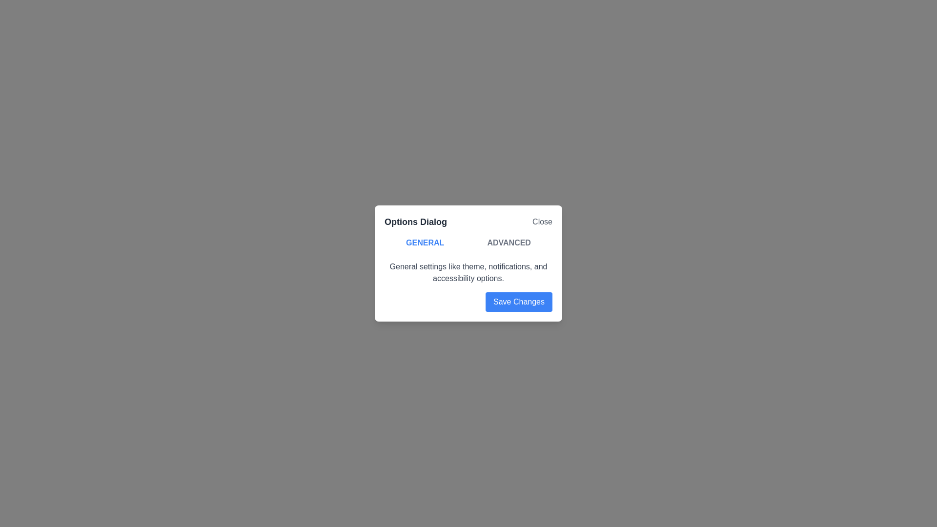 This screenshot has width=937, height=527. Describe the element at coordinates (425, 242) in the screenshot. I see `the 'General' tab to switch back to it` at that location.